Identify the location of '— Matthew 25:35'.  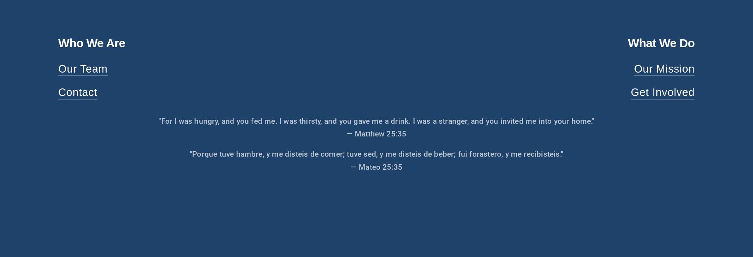
(376, 133).